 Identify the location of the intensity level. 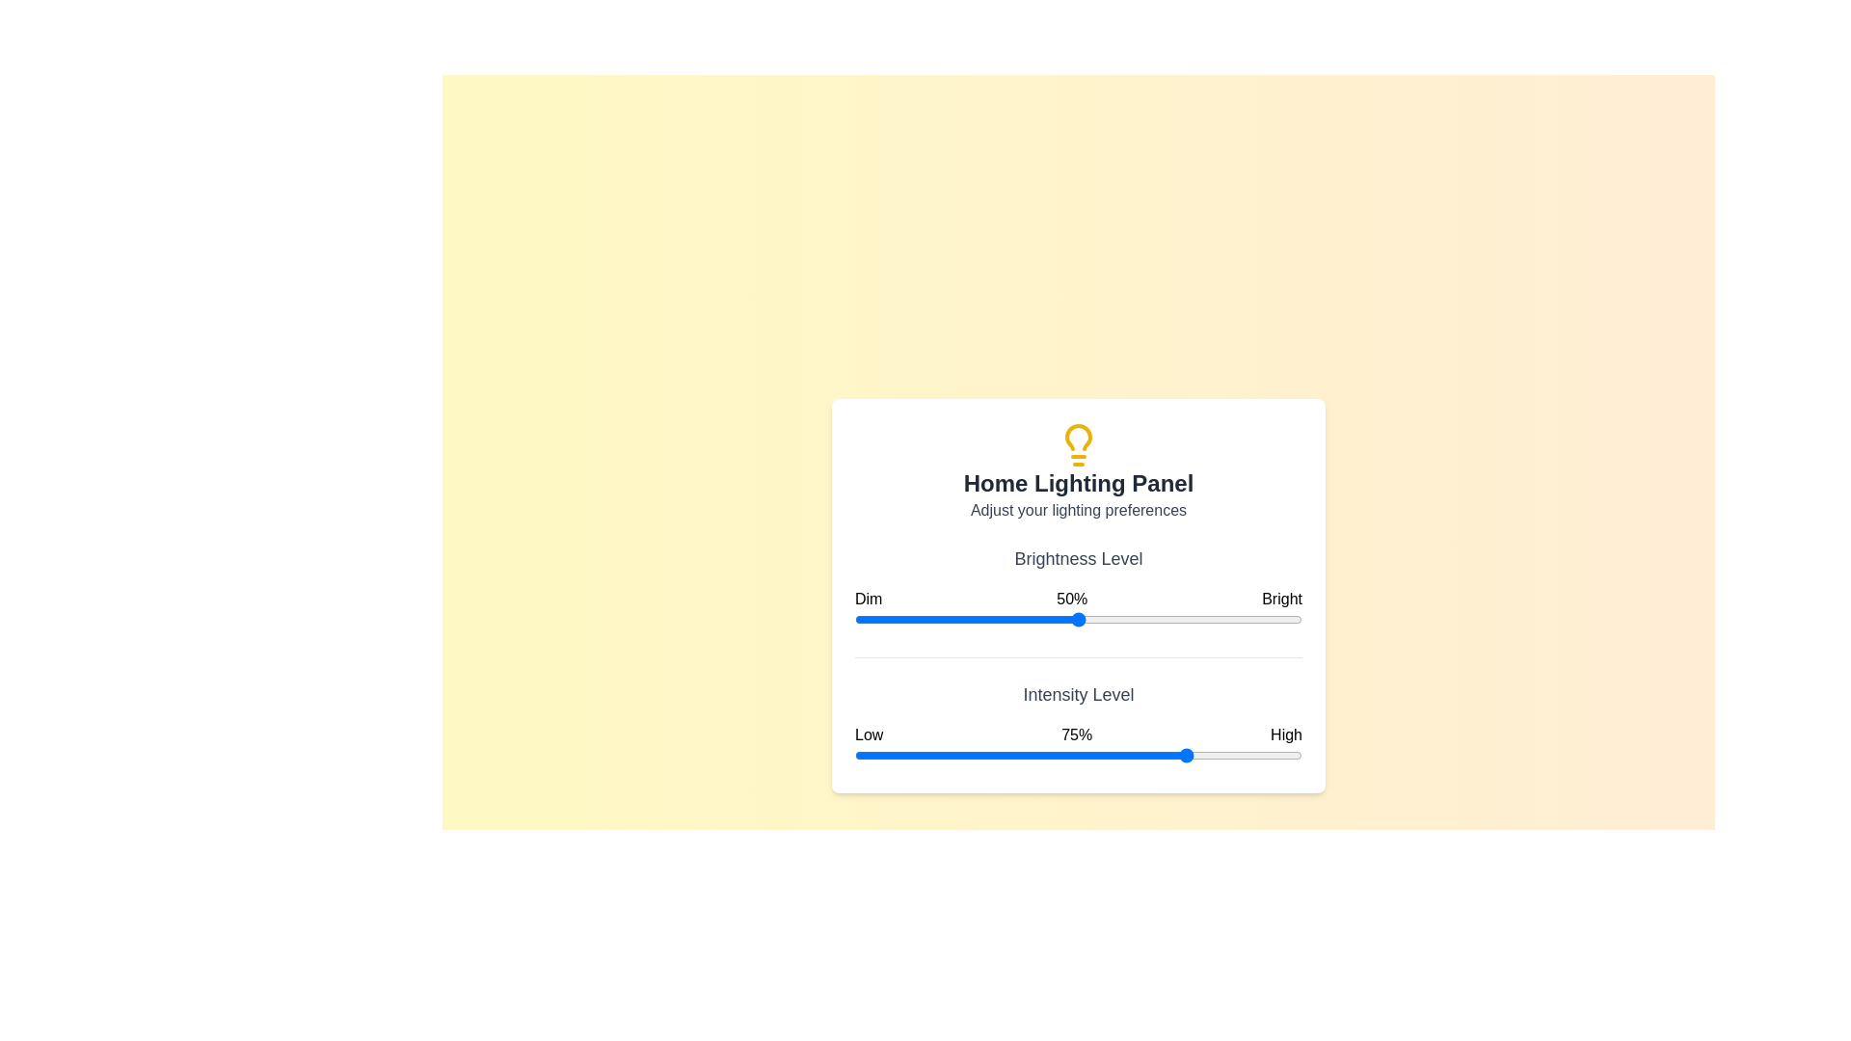
(1167, 754).